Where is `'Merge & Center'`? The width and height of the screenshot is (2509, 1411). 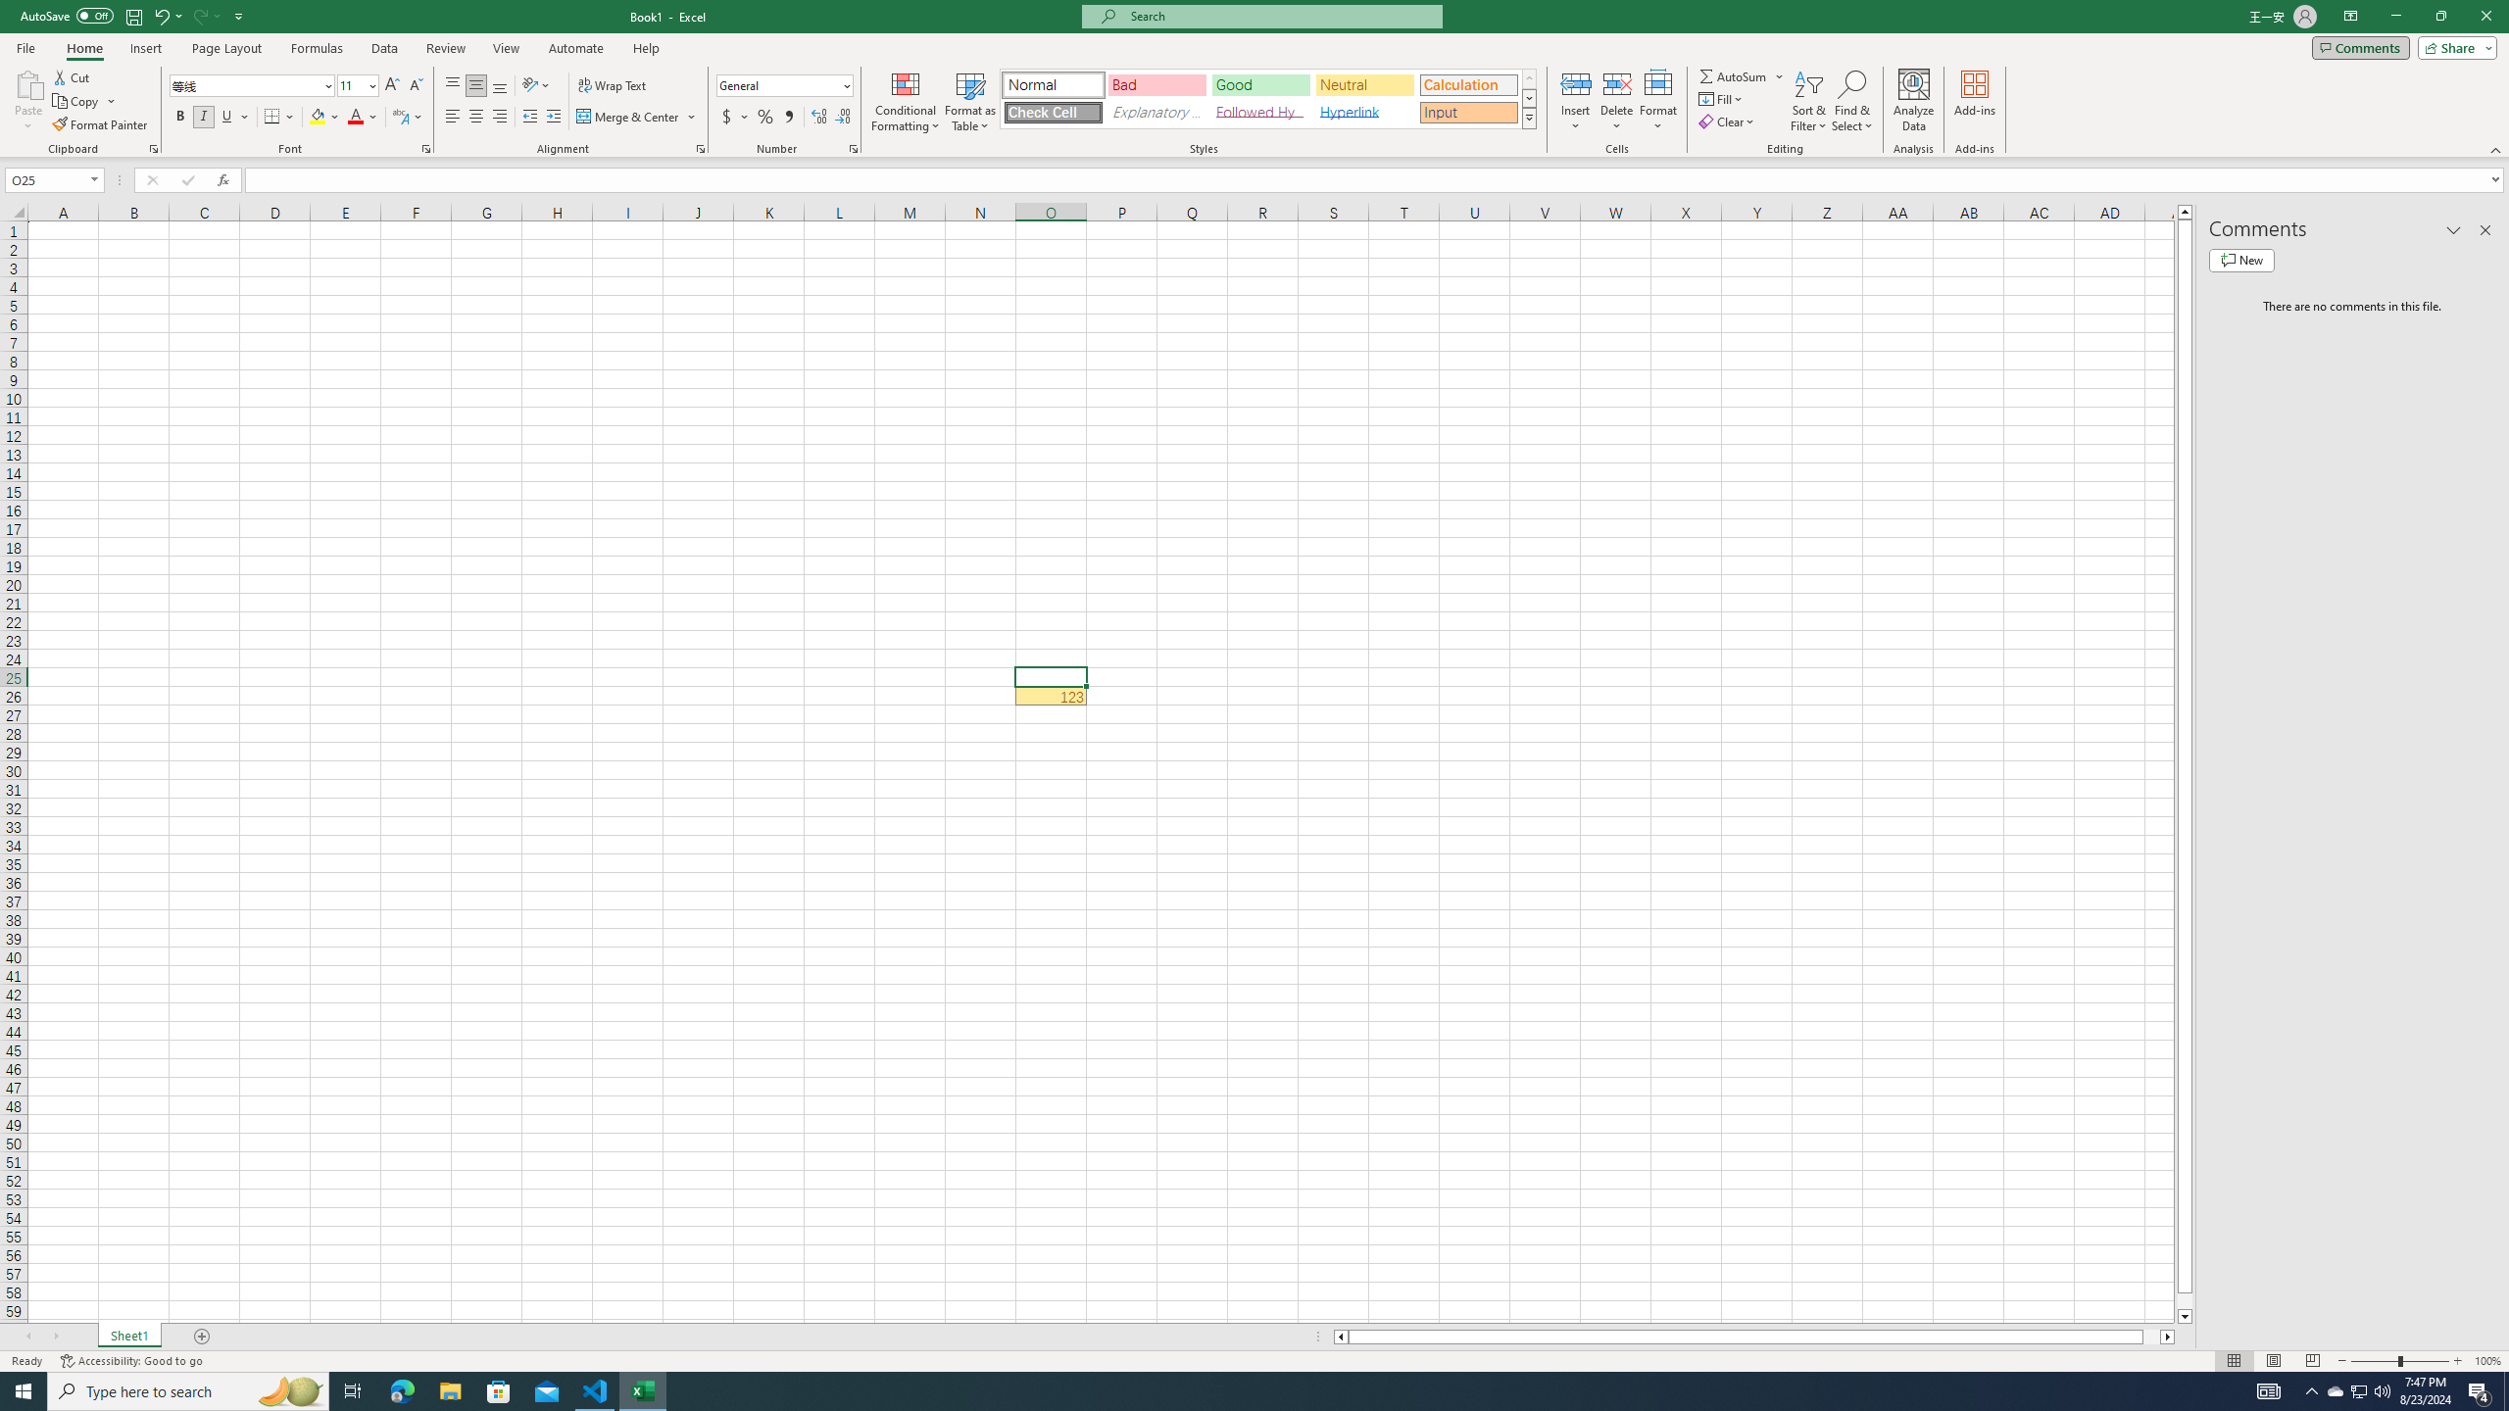
'Merge & Center' is located at coordinates (636, 116).